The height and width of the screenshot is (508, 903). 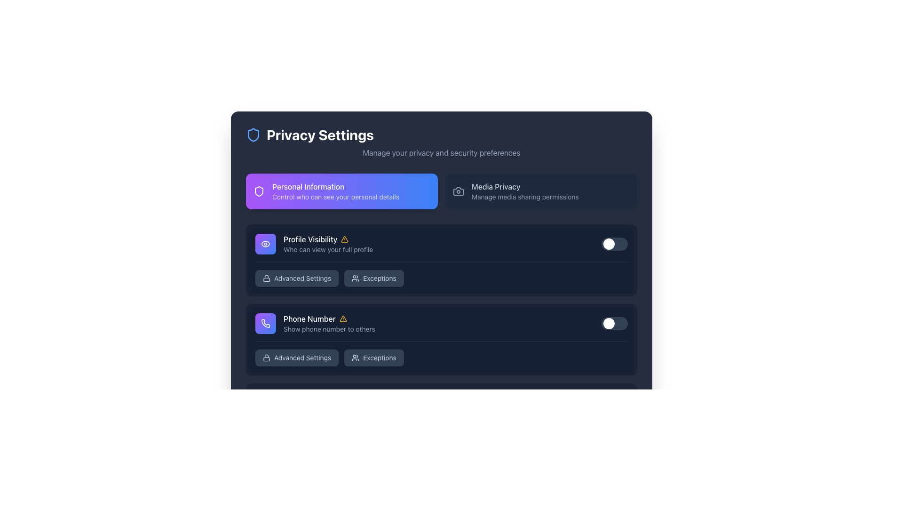 I want to click on the multiple users icon represented as an SVG within the 'Exceptions' button in the 'Profile Visibility' section, so click(x=355, y=278).